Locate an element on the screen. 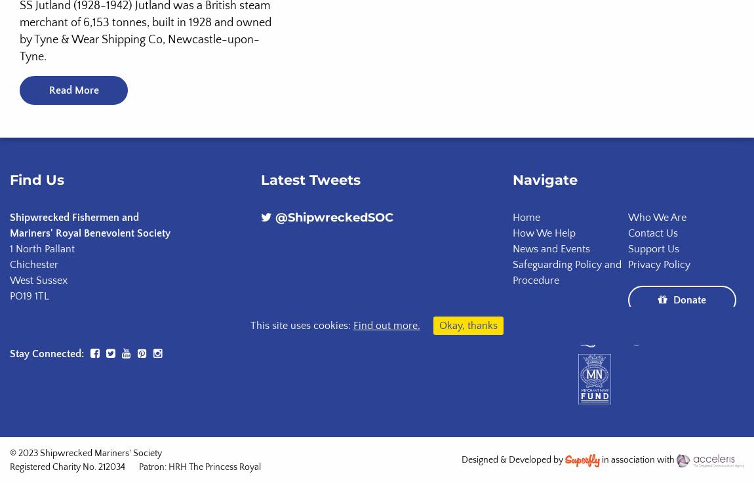 This screenshot has height=483, width=754. 'Grants:' is located at coordinates (26, 337).